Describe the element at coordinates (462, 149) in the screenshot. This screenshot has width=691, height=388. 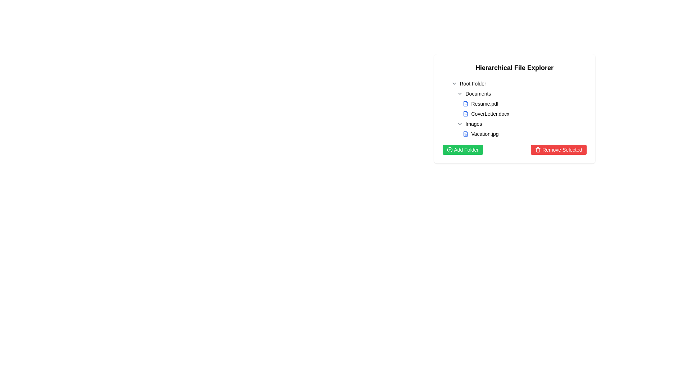
I see `the 'Add New Folder' button in the 'Hierarchical File Explorer' interface` at that location.